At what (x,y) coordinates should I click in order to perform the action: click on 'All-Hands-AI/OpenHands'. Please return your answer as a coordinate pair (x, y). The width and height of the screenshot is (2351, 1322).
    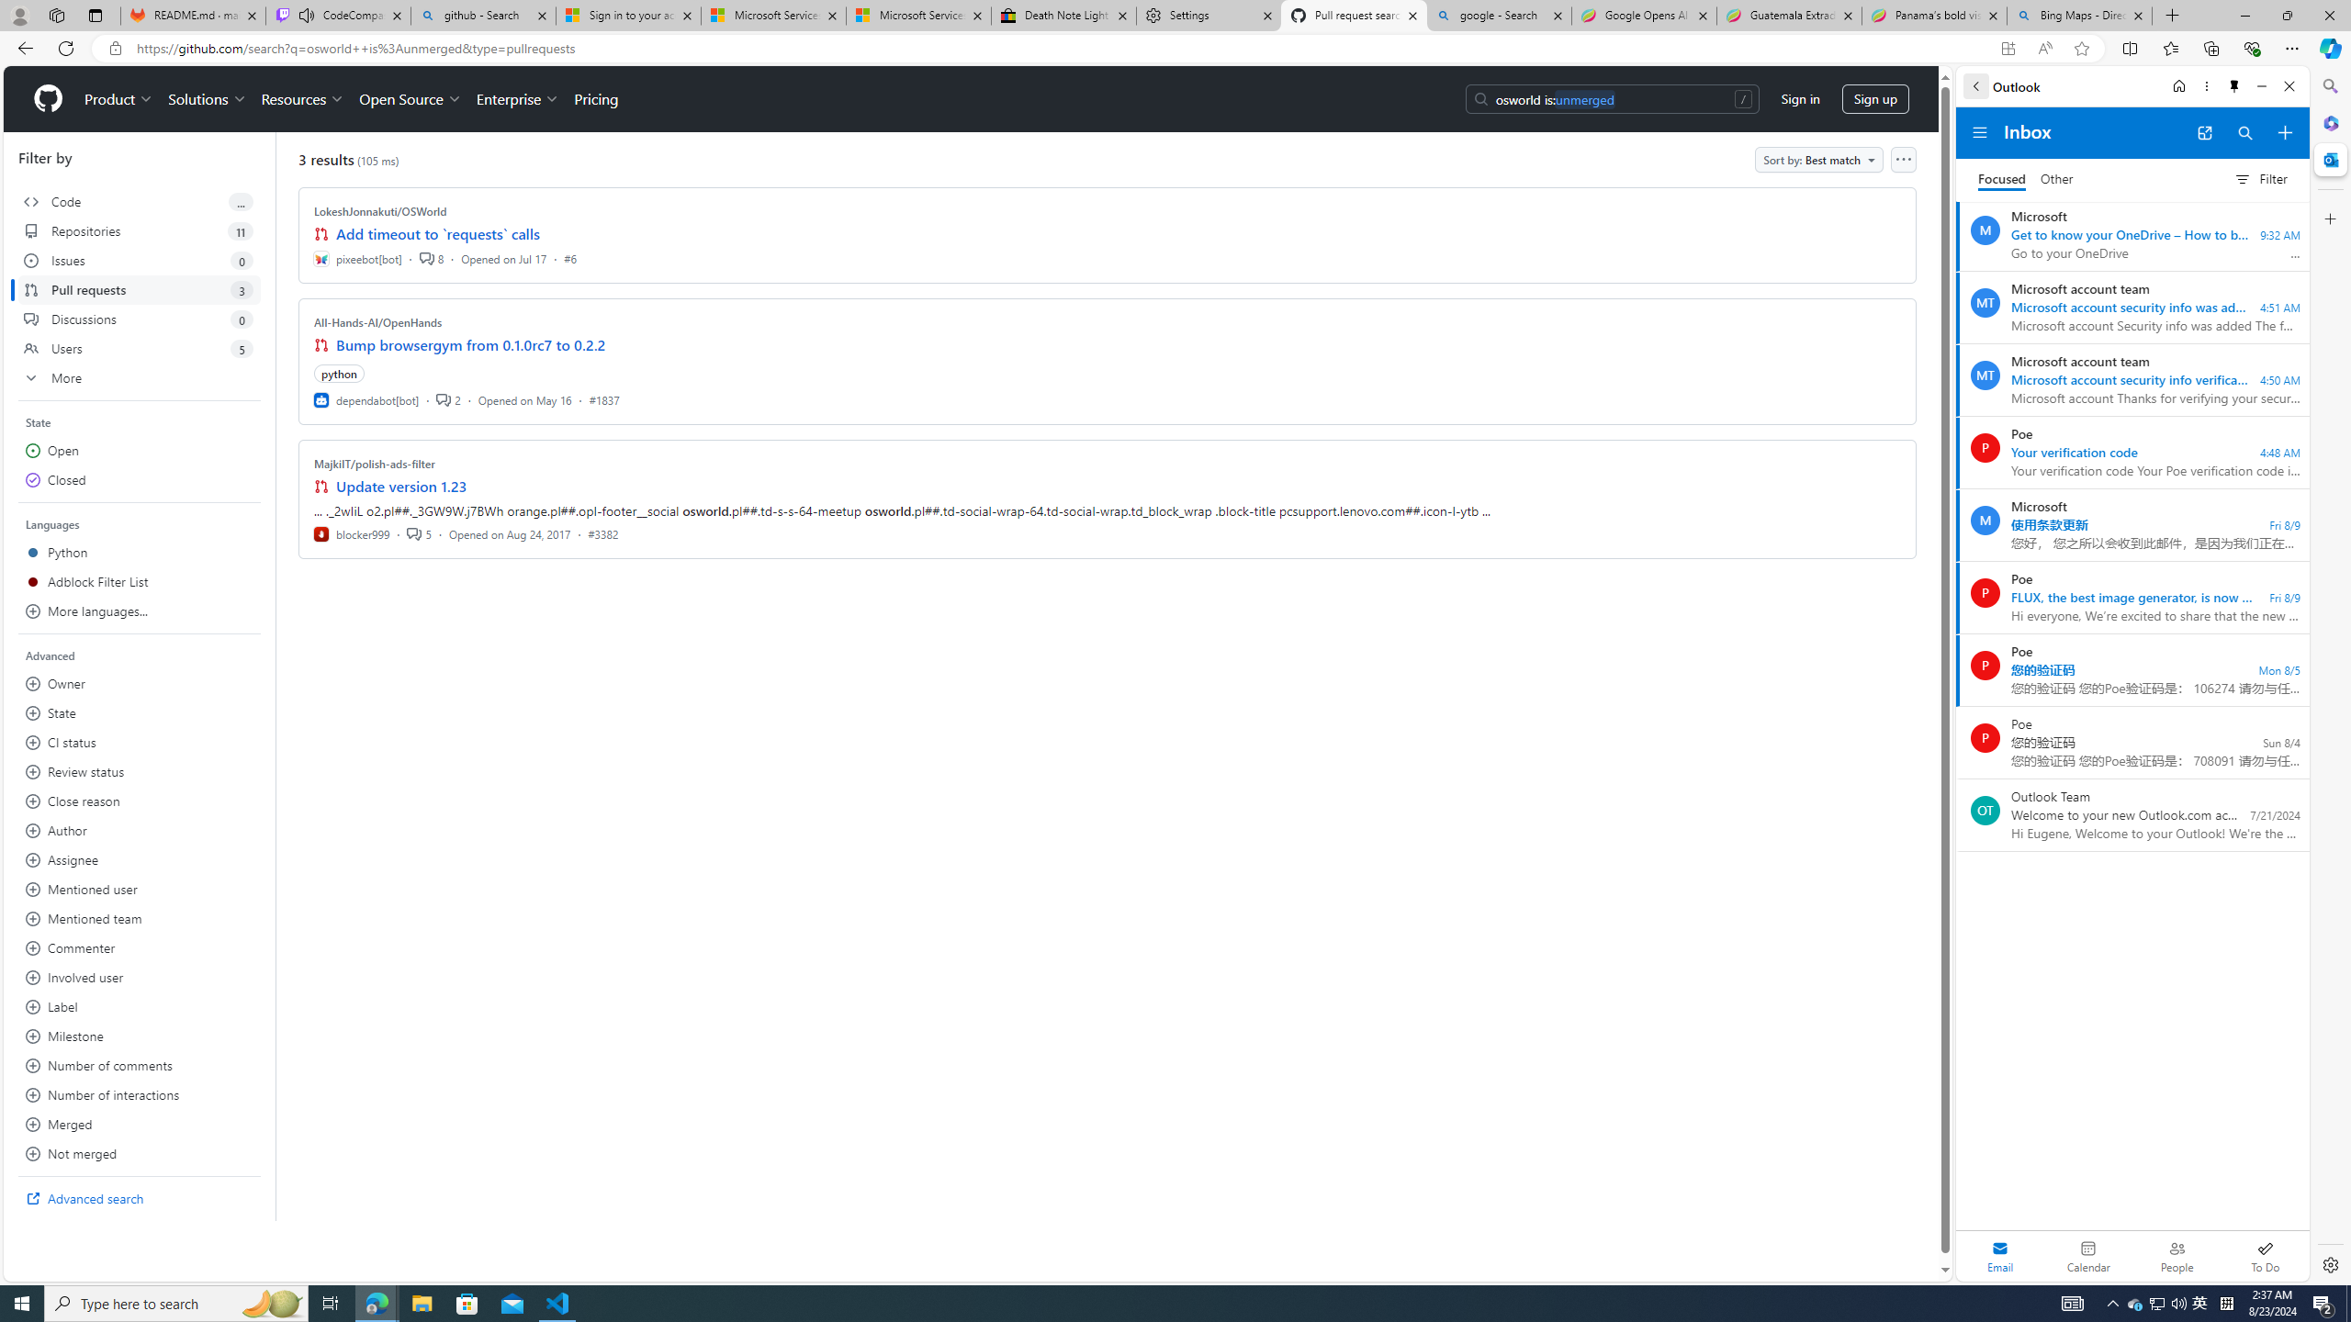
    Looking at the image, I should click on (377, 322).